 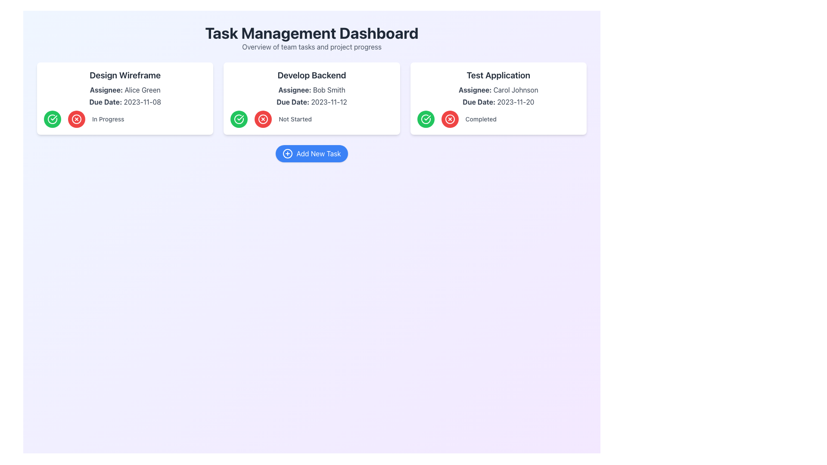 What do you see at coordinates (311, 74) in the screenshot?
I see `the Text Label that presents the title 'Develop Backend', located at the top center of the middle card in the task management system` at bounding box center [311, 74].